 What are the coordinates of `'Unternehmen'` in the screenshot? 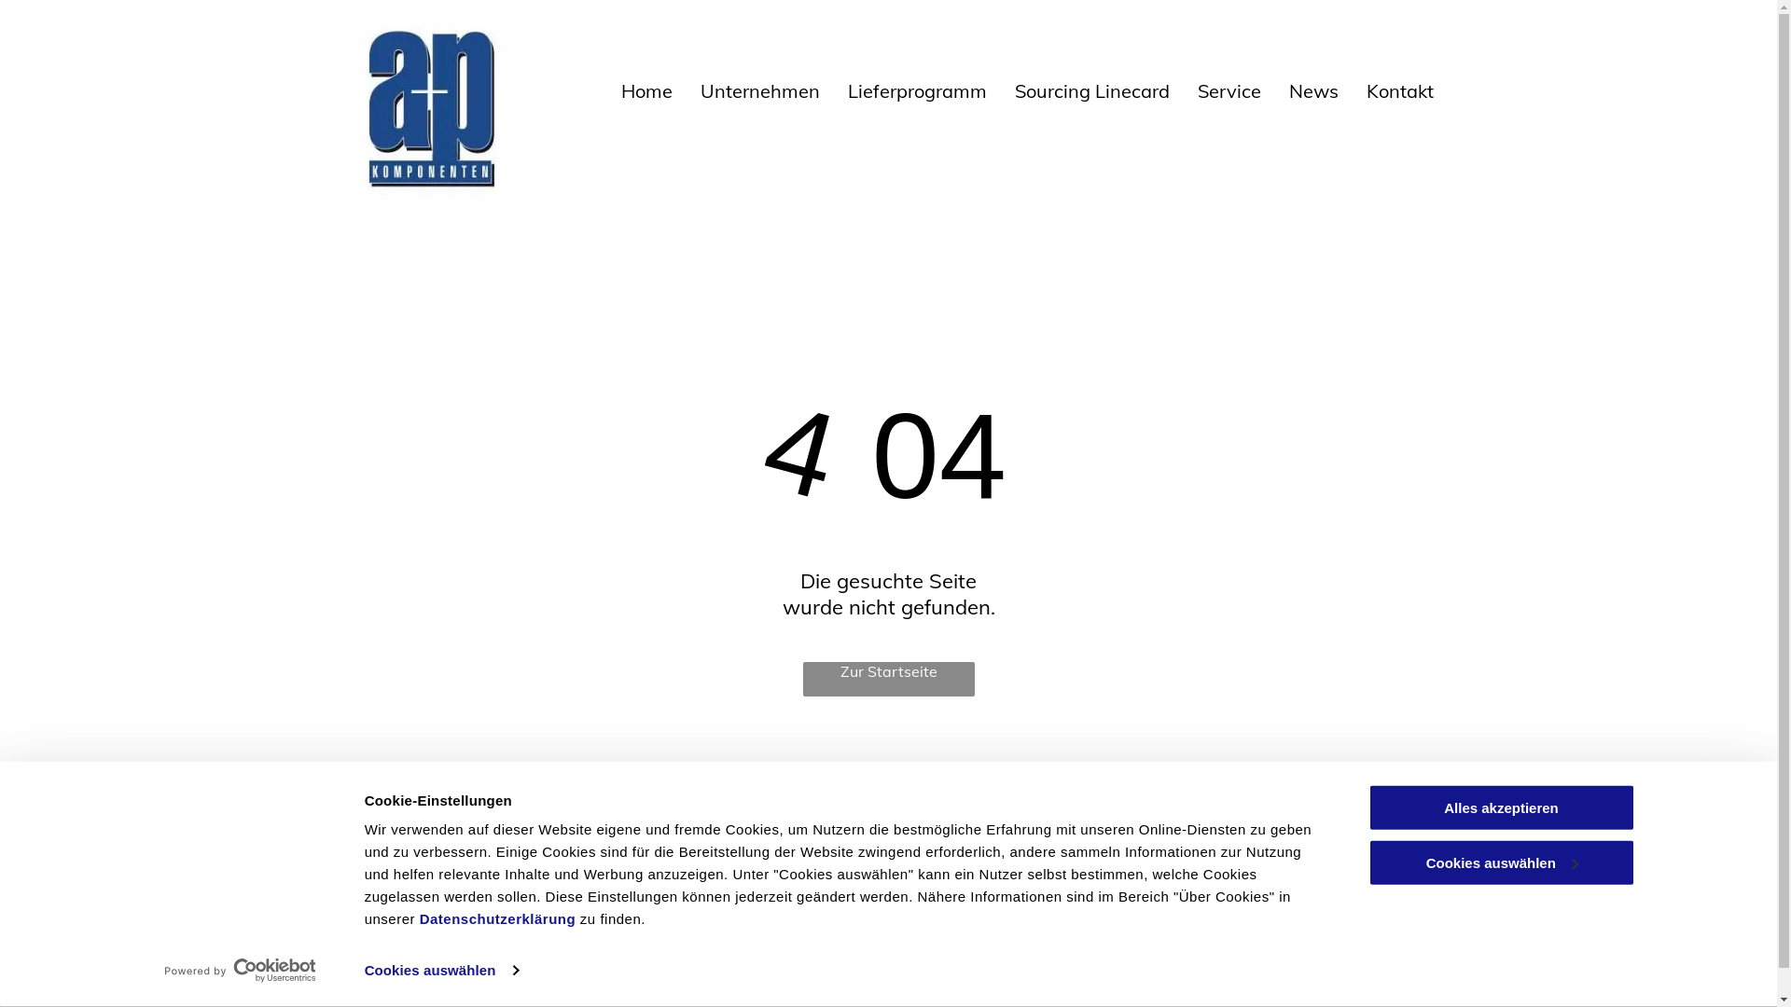 It's located at (746, 90).